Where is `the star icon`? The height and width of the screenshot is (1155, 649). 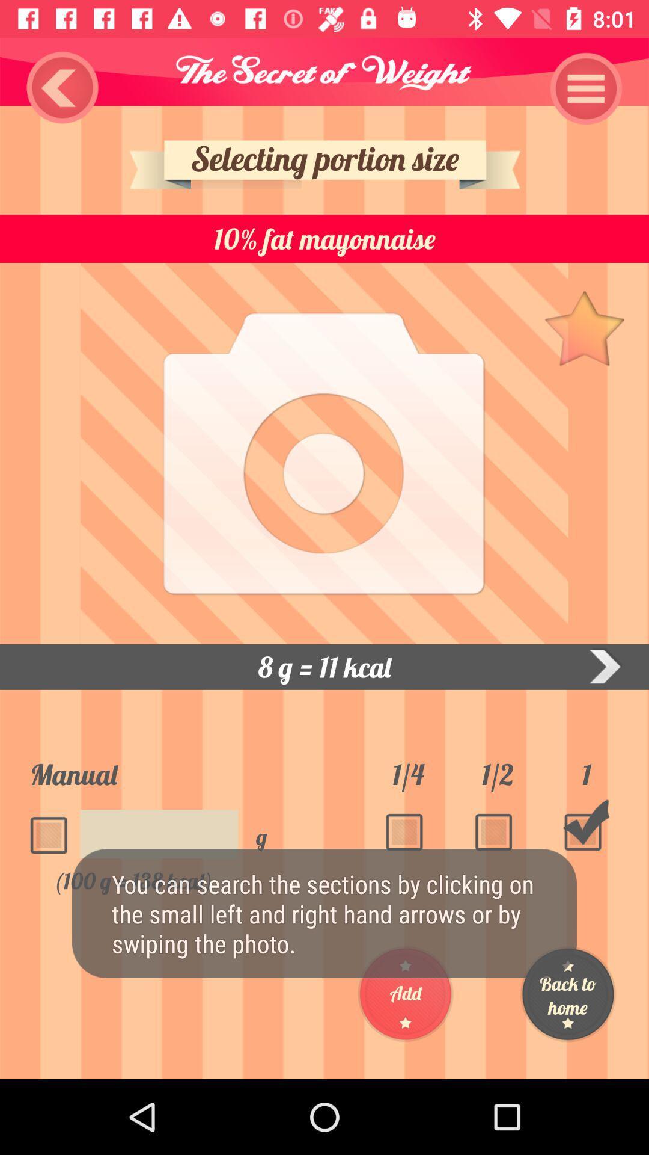 the star icon is located at coordinates (583, 327).